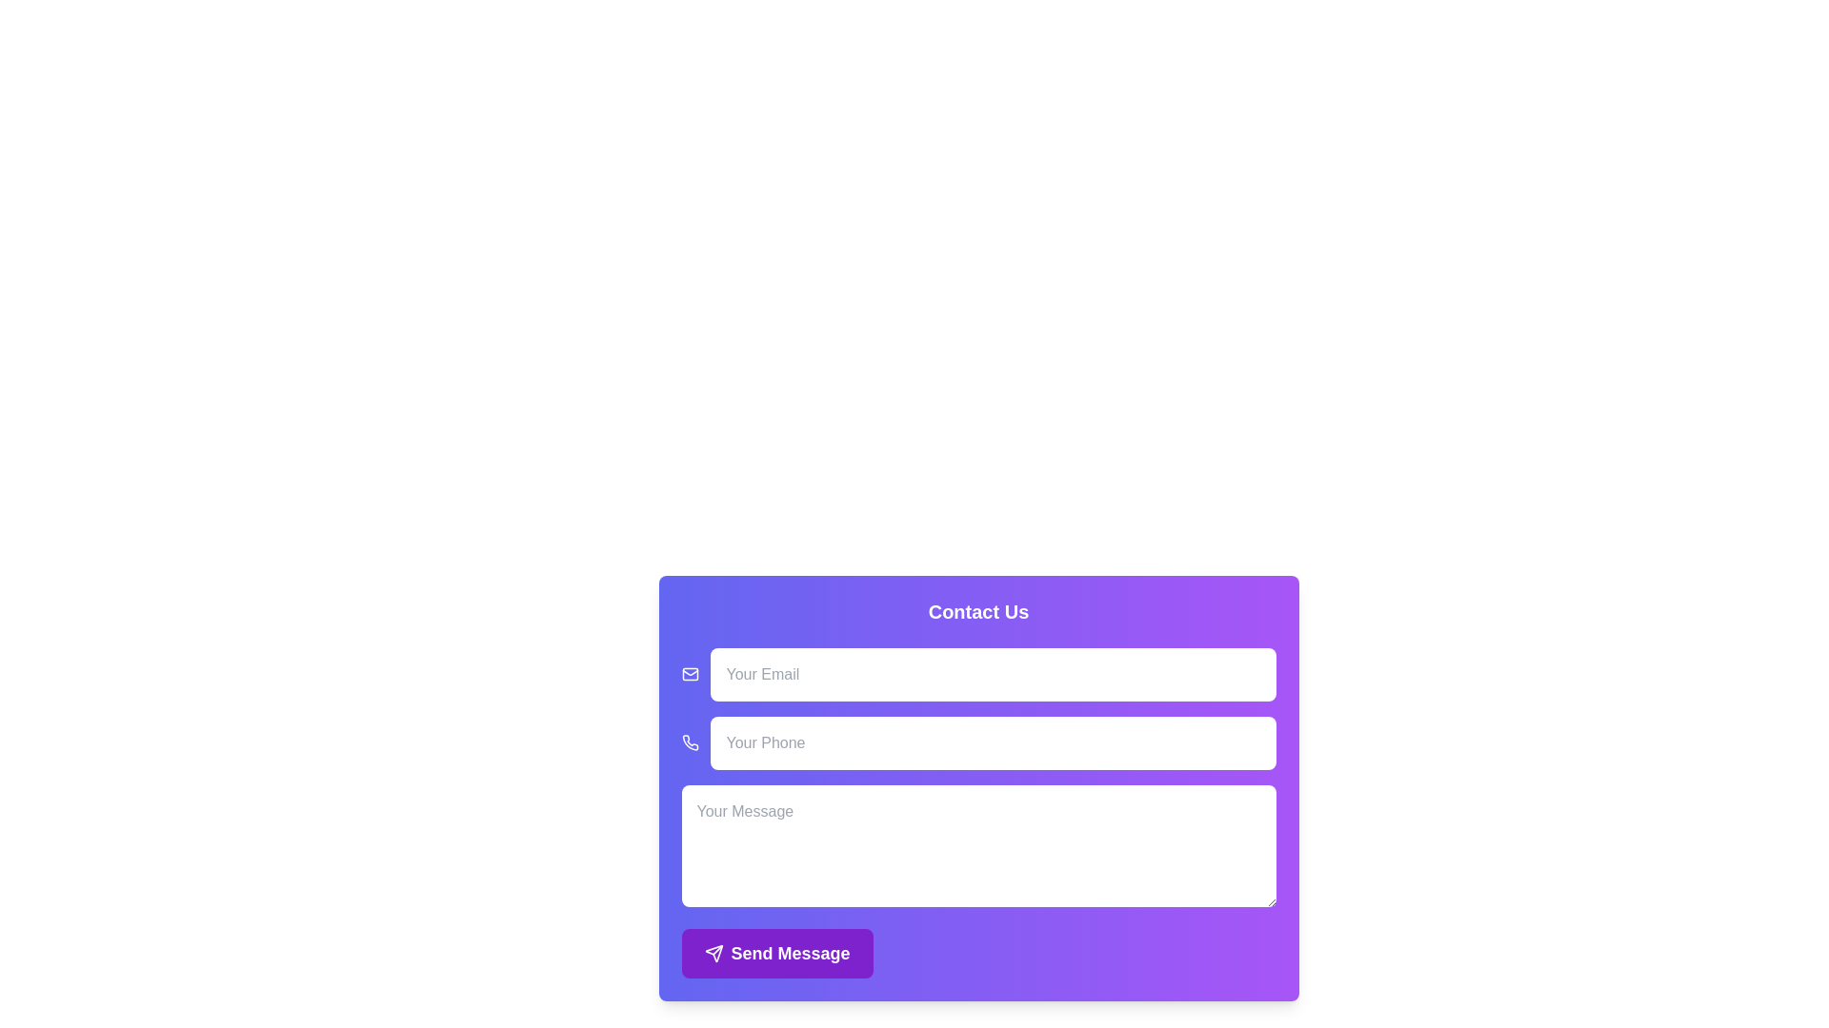 The image size is (1829, 1028). Describe the element at coordinates (689, 741) in the screenshot. I see `the phone icon located to the left of the 'Your Phone' text input field in the 'Contact Us' form` at that location.